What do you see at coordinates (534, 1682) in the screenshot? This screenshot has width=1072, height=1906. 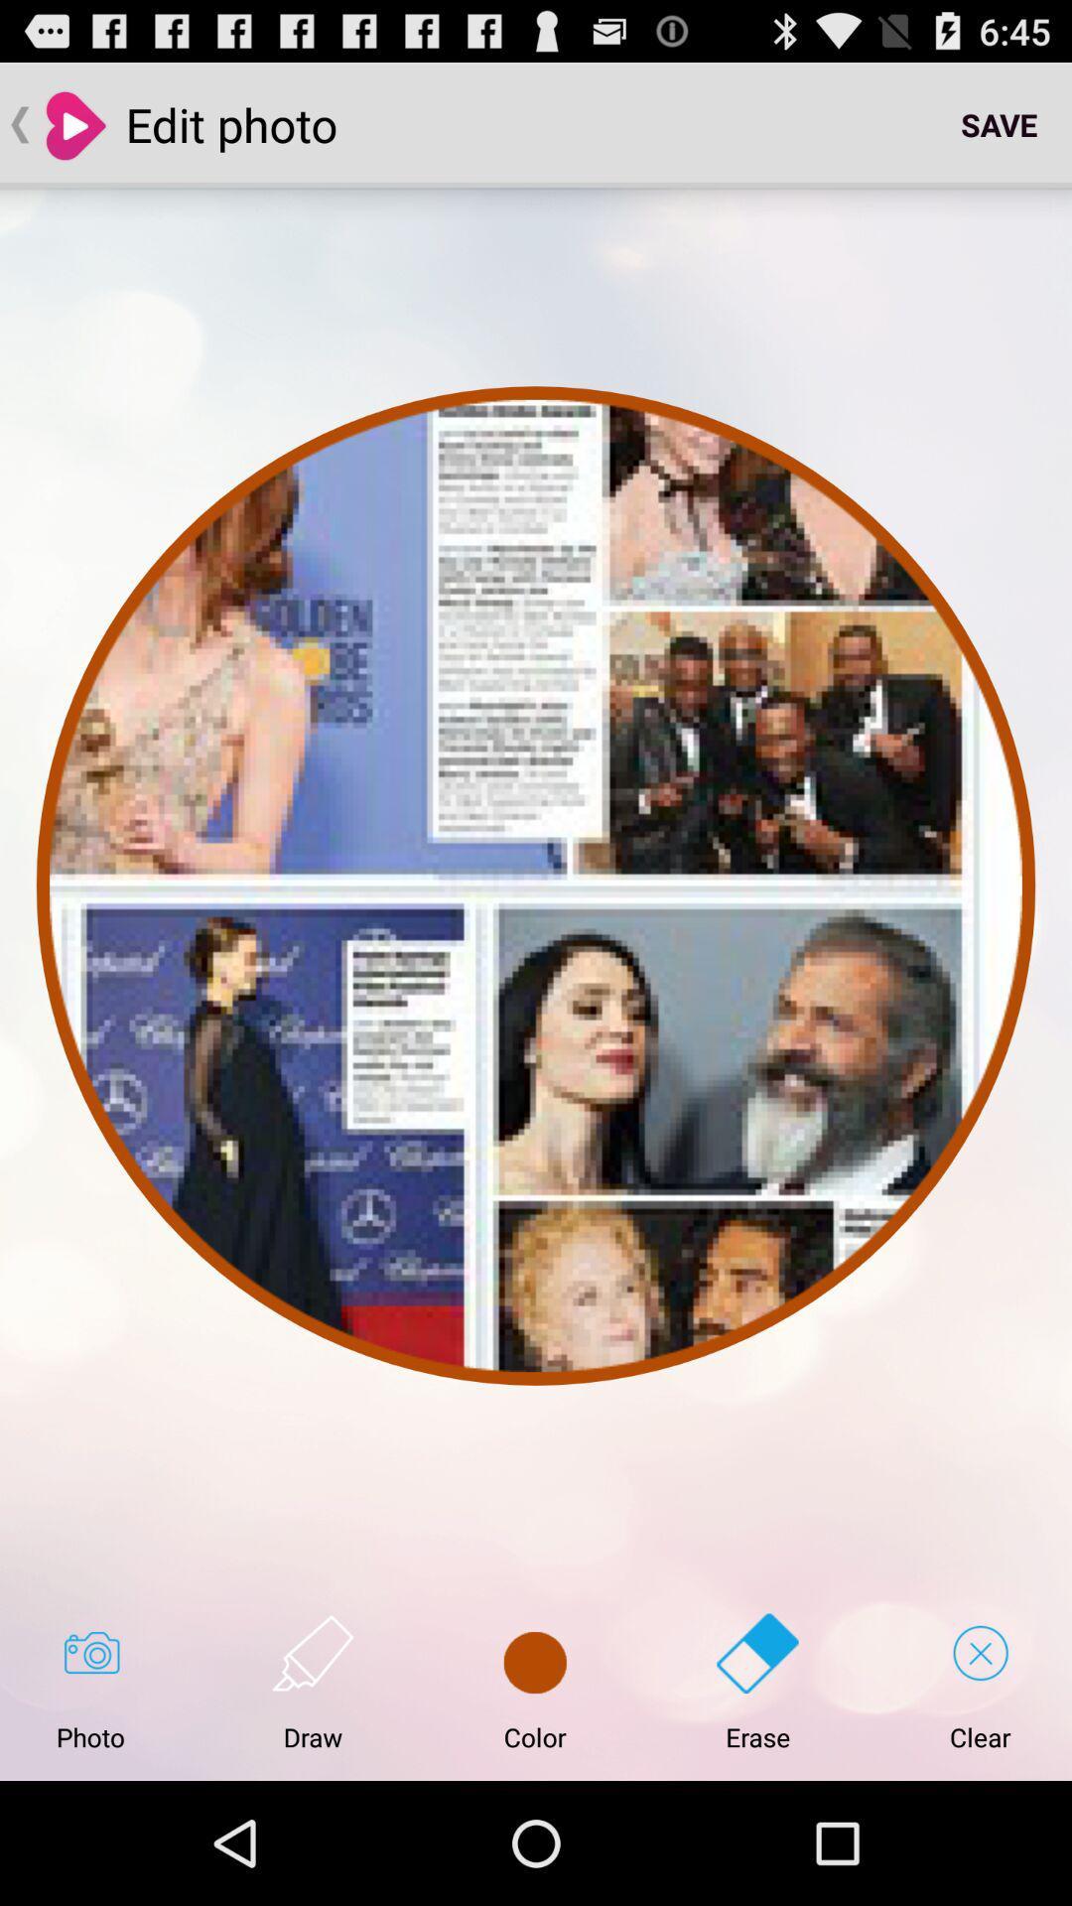 I see `the icon to the right of draw button` at bounding box center [534, 1682].